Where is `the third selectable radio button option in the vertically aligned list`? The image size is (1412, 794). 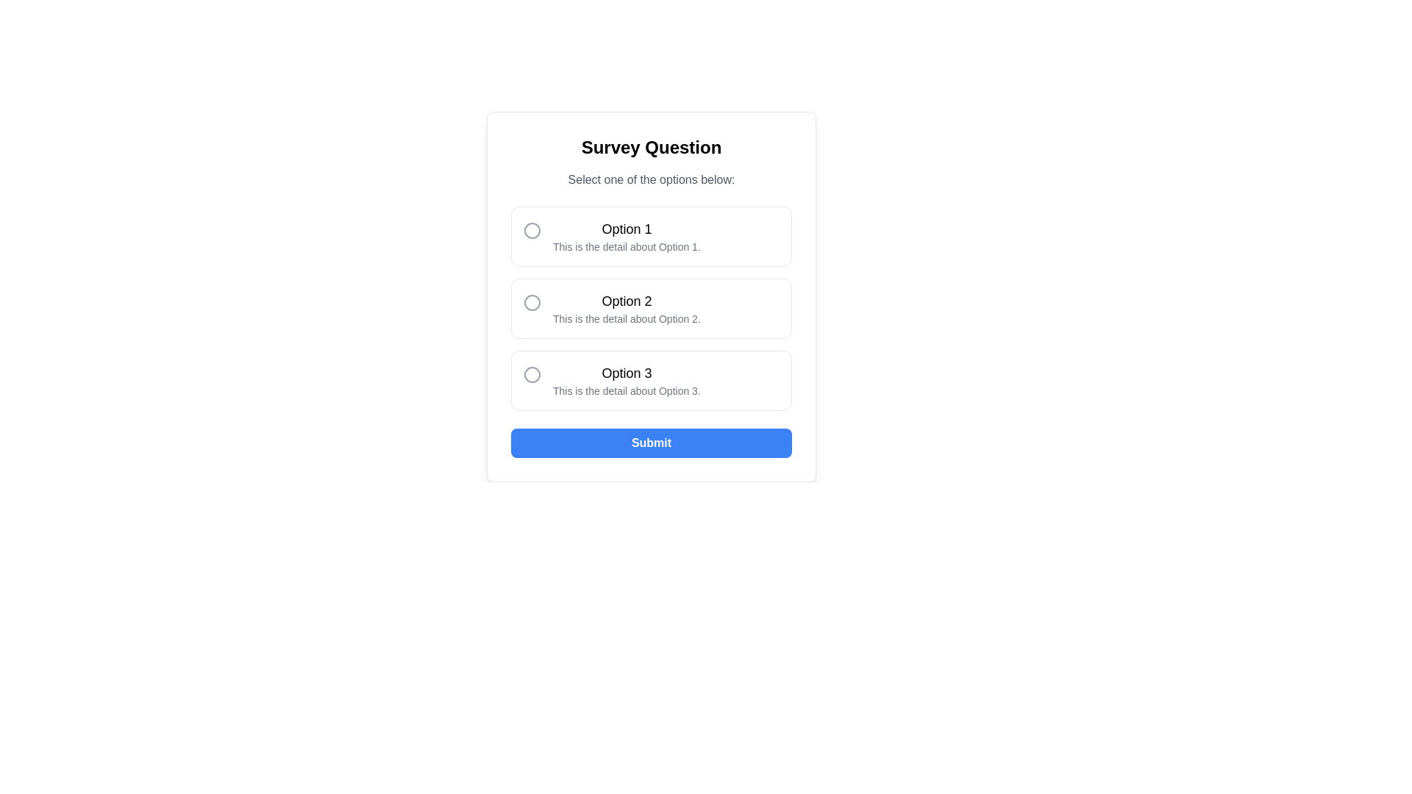 the third selectable radio button option in the vertically aligned list is located at coordinates (651, 379).